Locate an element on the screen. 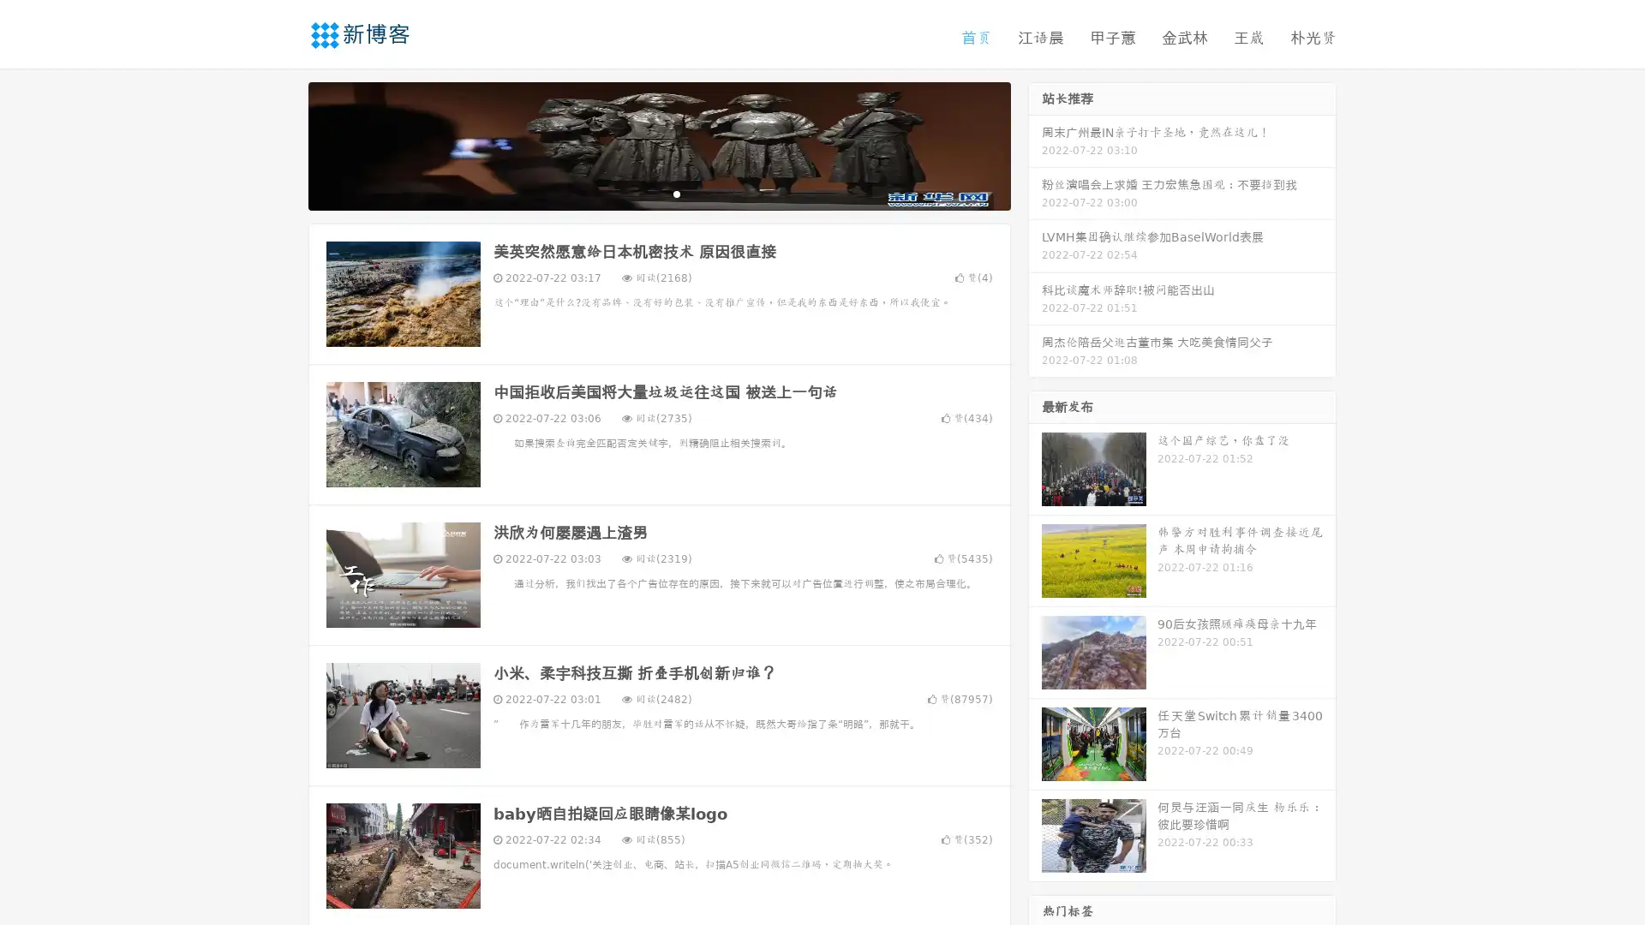 The width and height of the screenshot is (1645, 925). Next slide is located at coordinates (1035, 144).